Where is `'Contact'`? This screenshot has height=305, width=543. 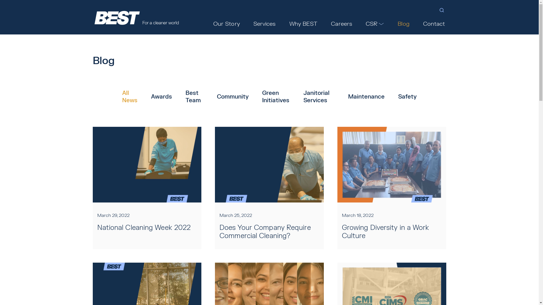 'Contact' is located at coordinates (434, 23).